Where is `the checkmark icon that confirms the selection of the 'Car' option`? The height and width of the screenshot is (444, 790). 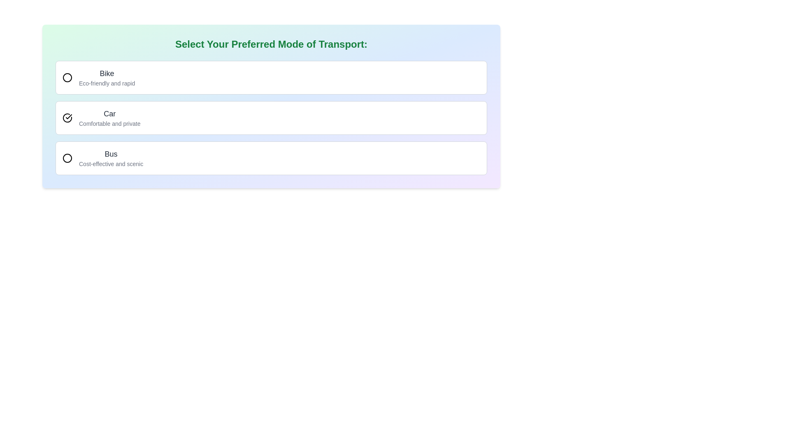
the checkmark icon that confirms the selection of the 'Car' option is located at coordinates (67, 118).